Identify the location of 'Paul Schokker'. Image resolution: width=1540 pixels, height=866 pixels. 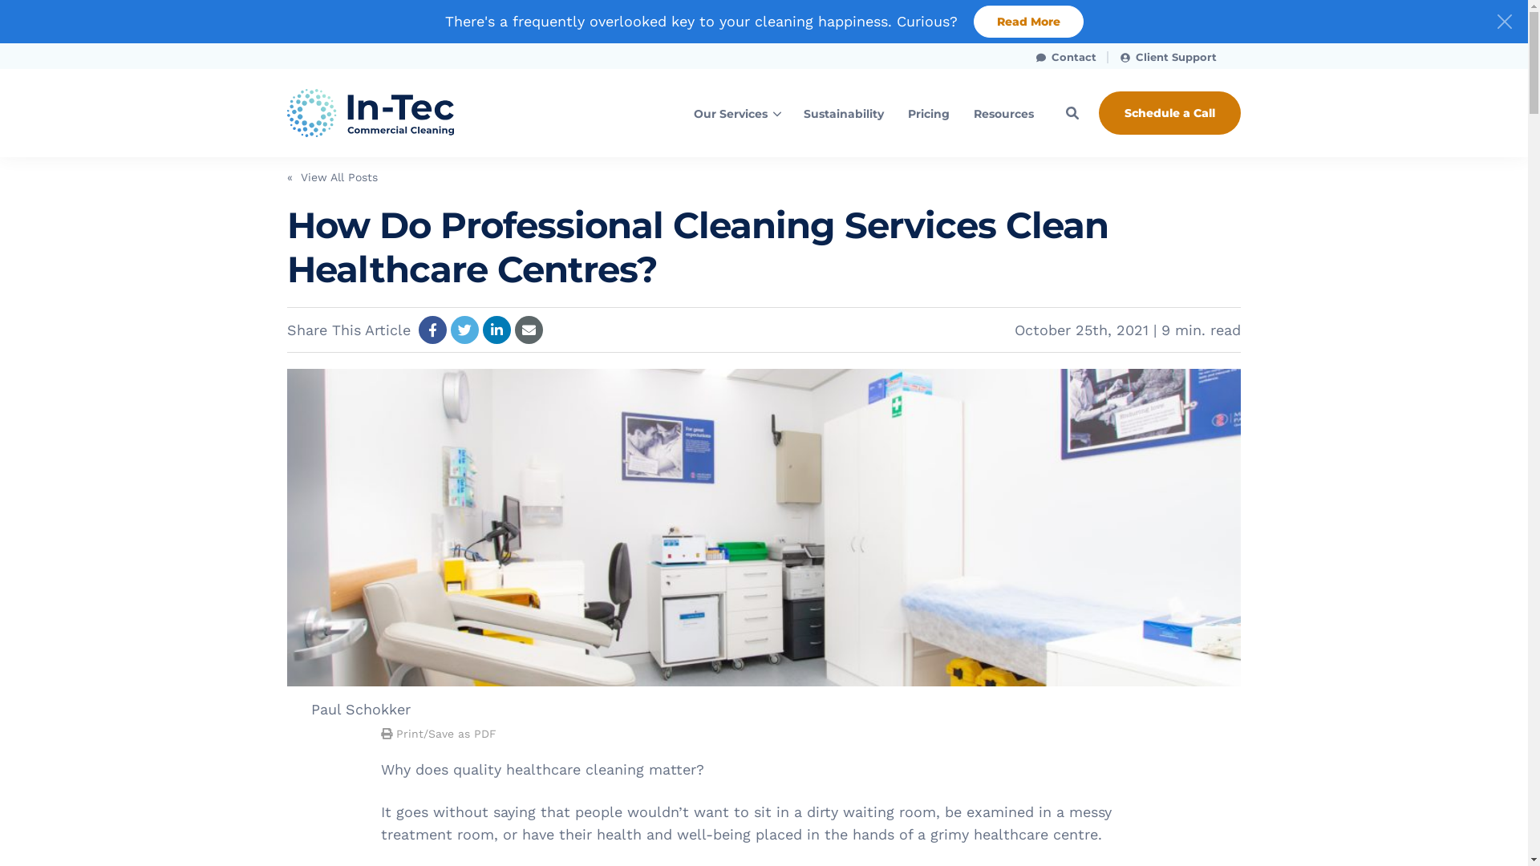
(360, 708).